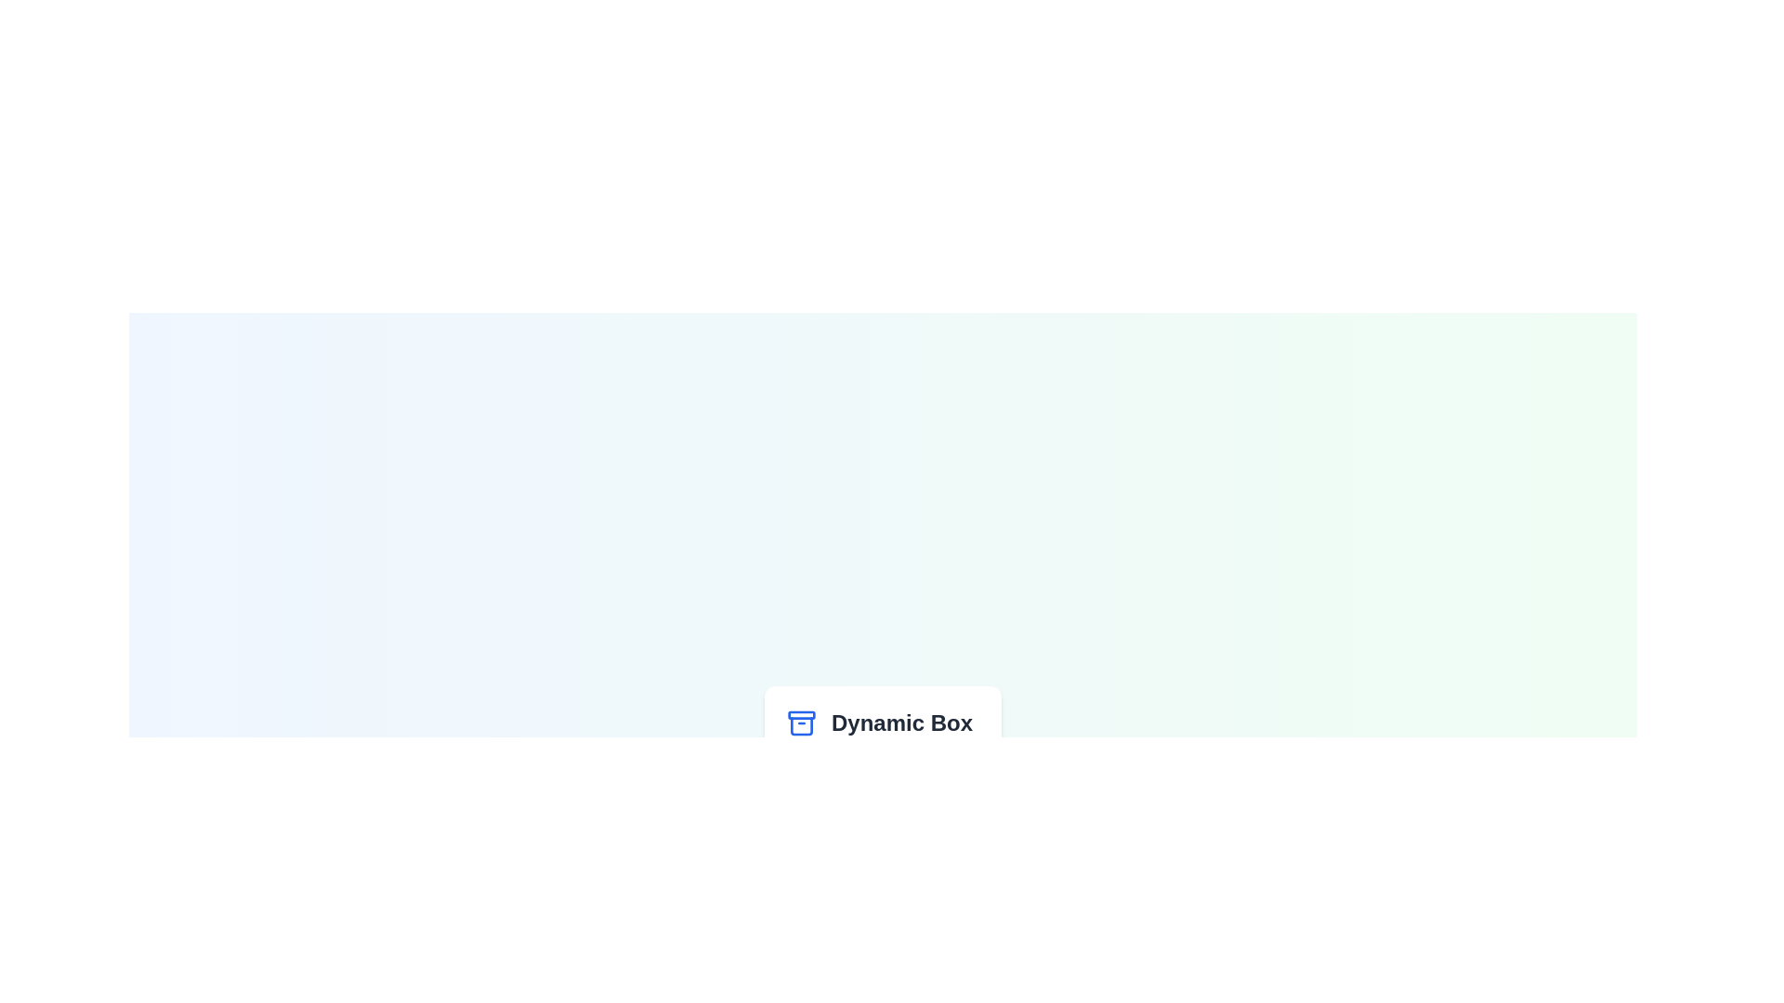 This screenshot has width=1784, height=1003. I want to click on the top rectangular bar of the archive-like icon located to the left of the label text 'Dynamic Box', so click(802, 714).